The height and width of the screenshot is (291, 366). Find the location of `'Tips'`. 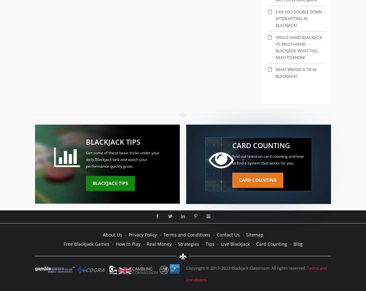

'Tips' is located at coordinates (209, 244).